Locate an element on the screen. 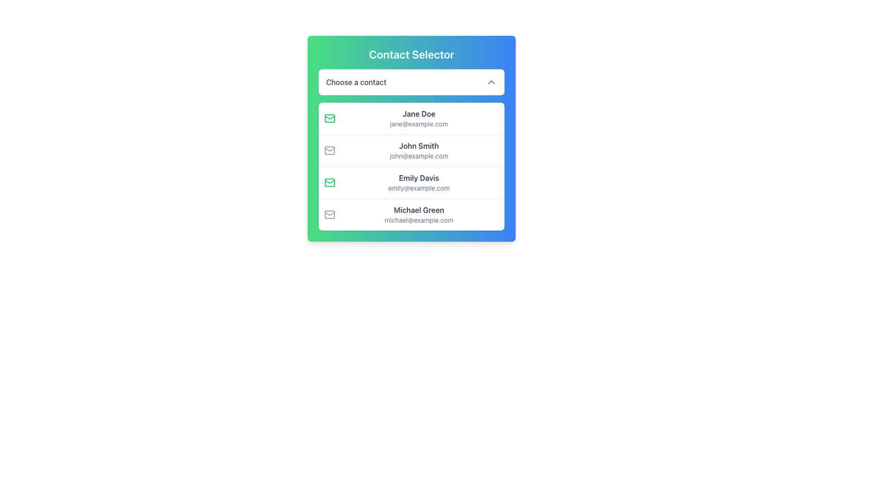 The image size is (892, 502). the email contact icon located to the left of 'Michael Green' in the fourth row of the contact list is located at coordinates (330, 215).